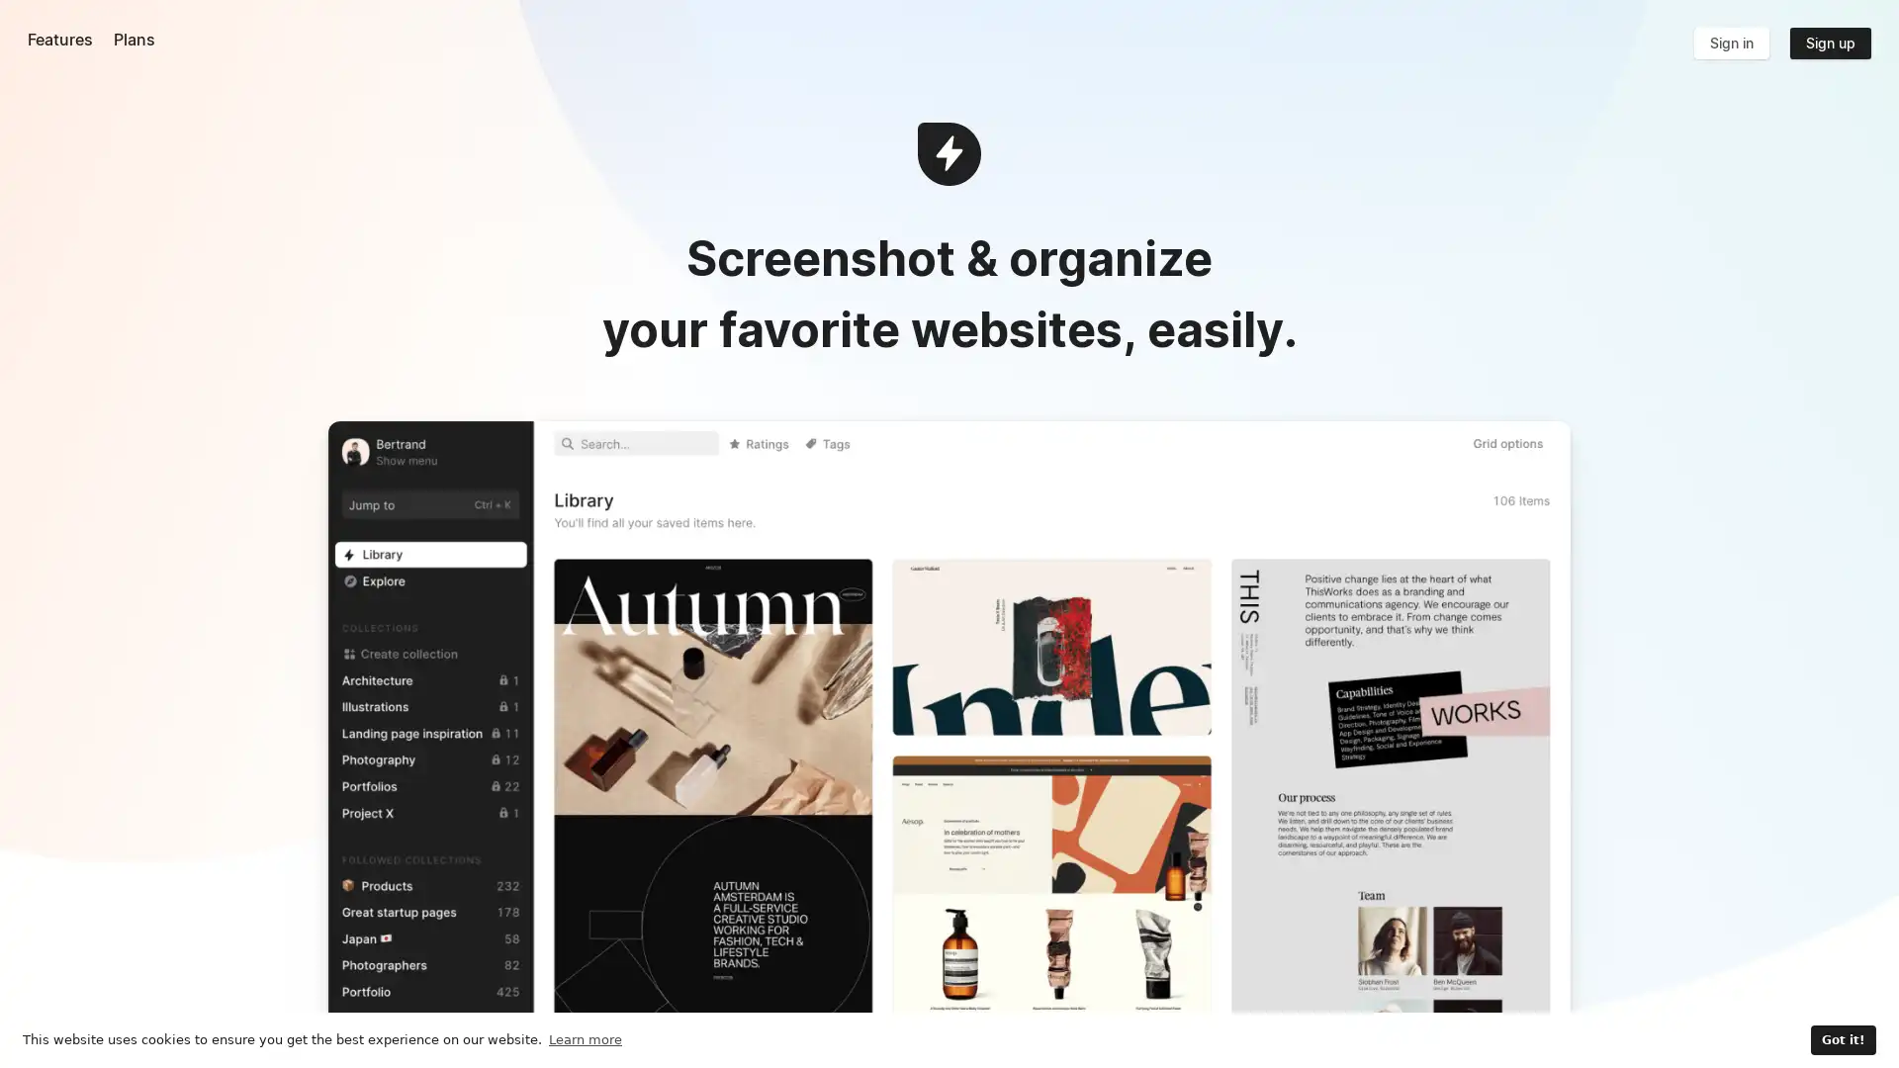 The image size is (1899, 1068). Describe the element at coordinates (1841, 1039) in the screenshot. I see `dismiss cookie message` at that location.